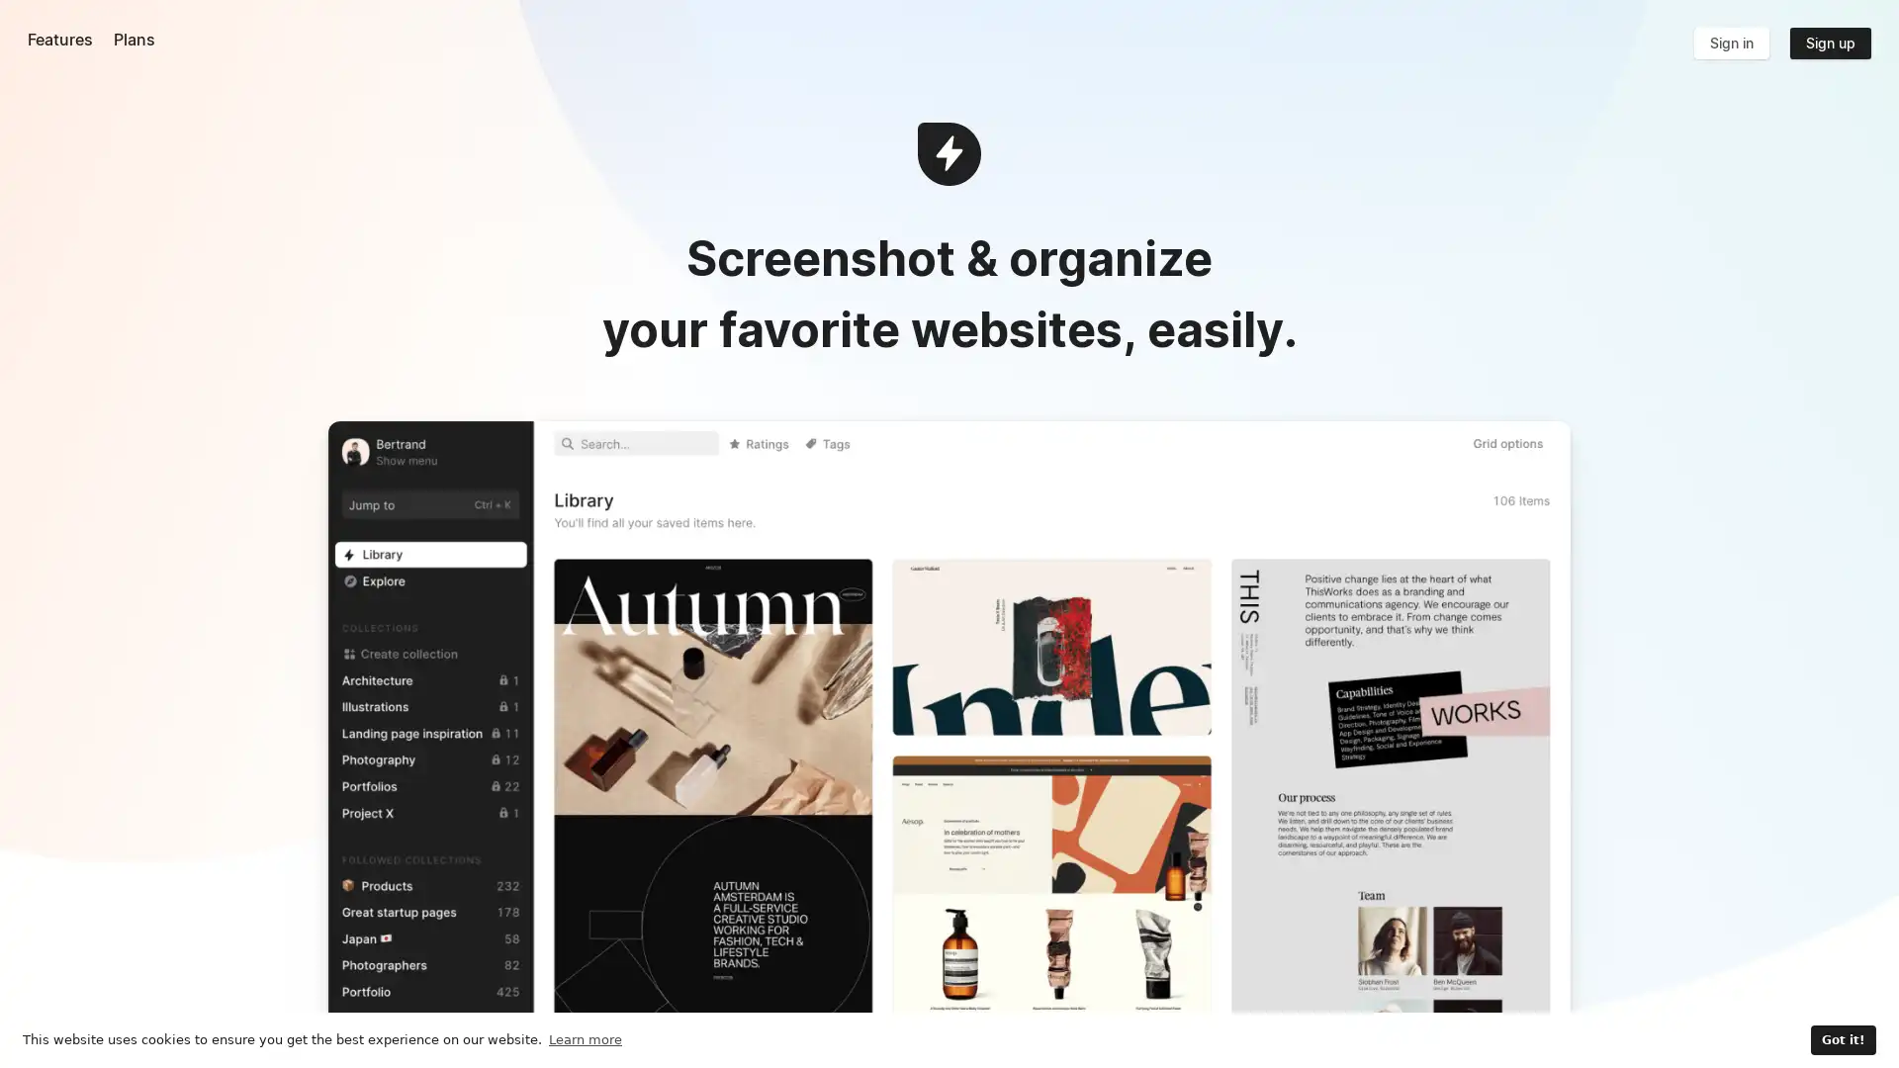 The image size is (1899, 1068). Describe the element at coordinates (1841, 1039) in the screenshot. I see `dismiss cookie message` at that location.